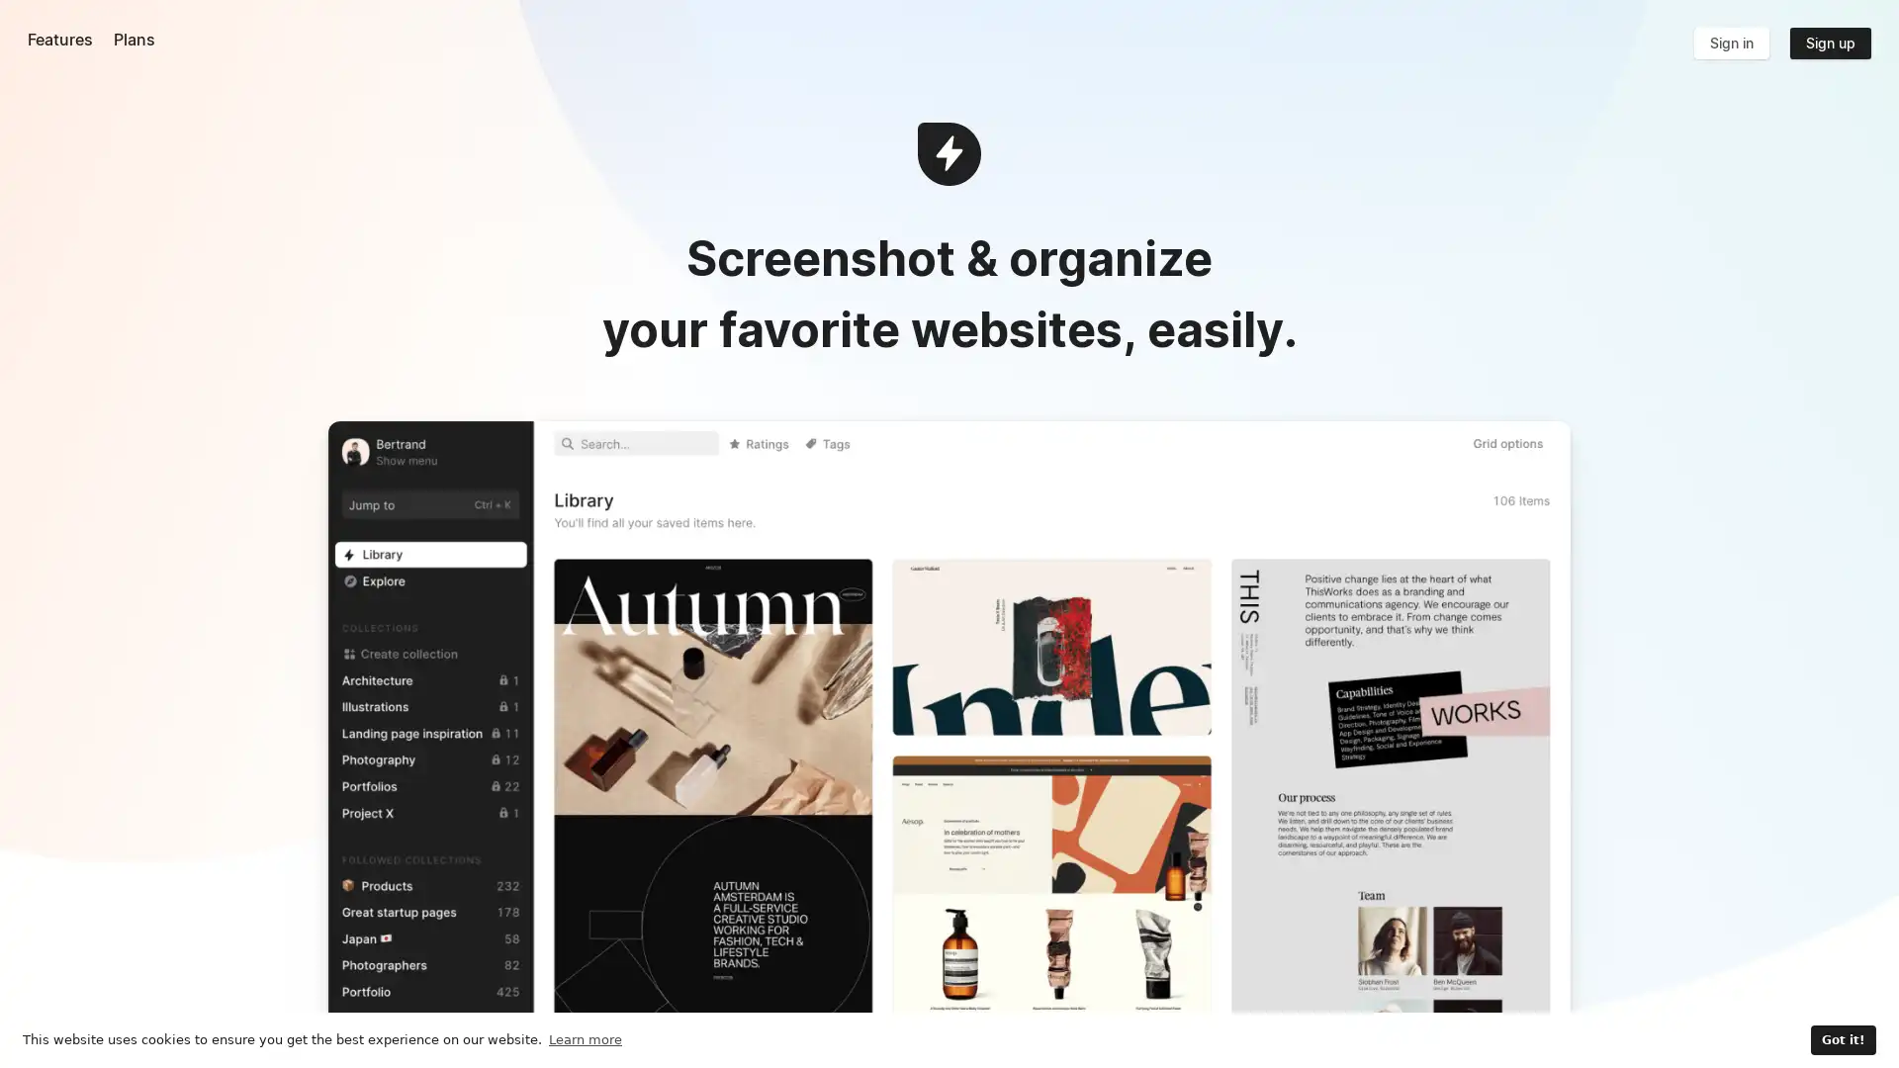 The image size is (1899, 1068). Describe the element at coordinates (1841, 1039) in the screenshot. I see `dismiss cookie message` at that location.